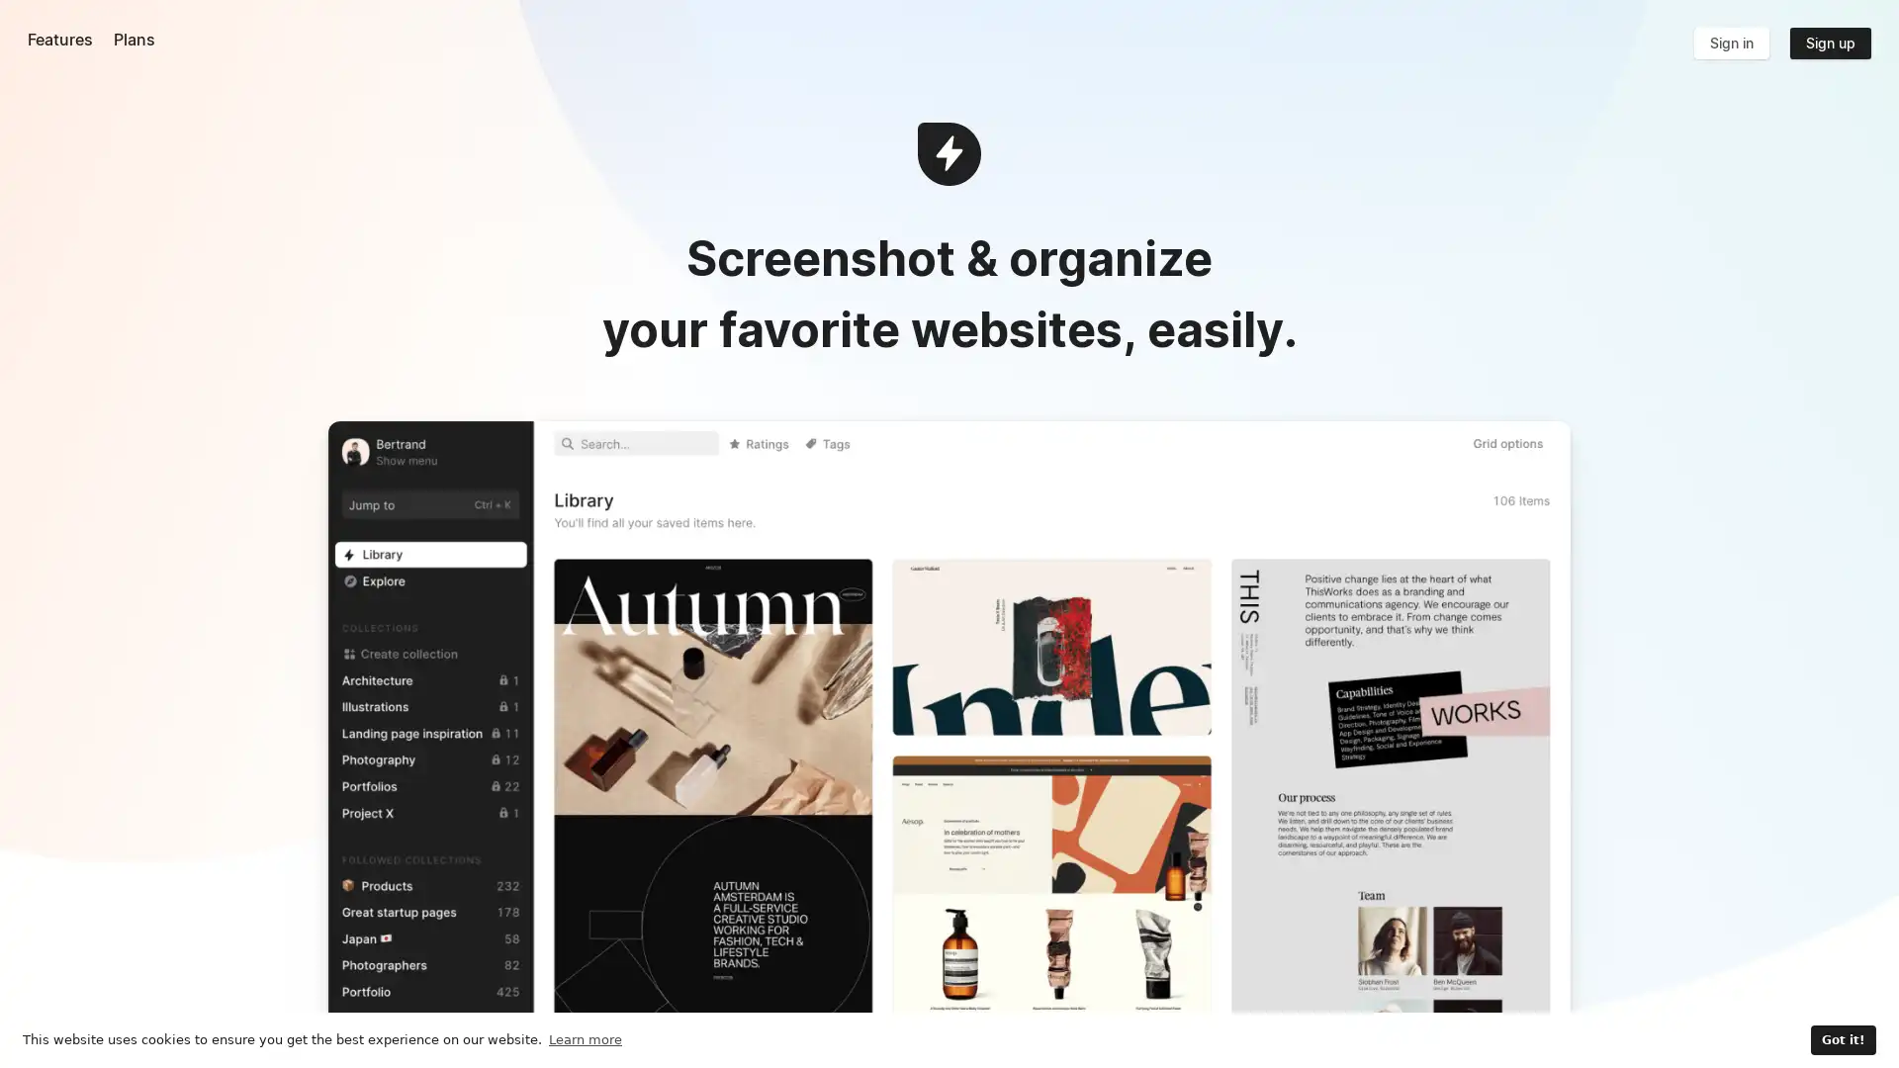 The image size is (1899, 1068). Describe the element at coordinates (1841, 1039) in the screenshot. I see `dismiss cookie message` at that location.